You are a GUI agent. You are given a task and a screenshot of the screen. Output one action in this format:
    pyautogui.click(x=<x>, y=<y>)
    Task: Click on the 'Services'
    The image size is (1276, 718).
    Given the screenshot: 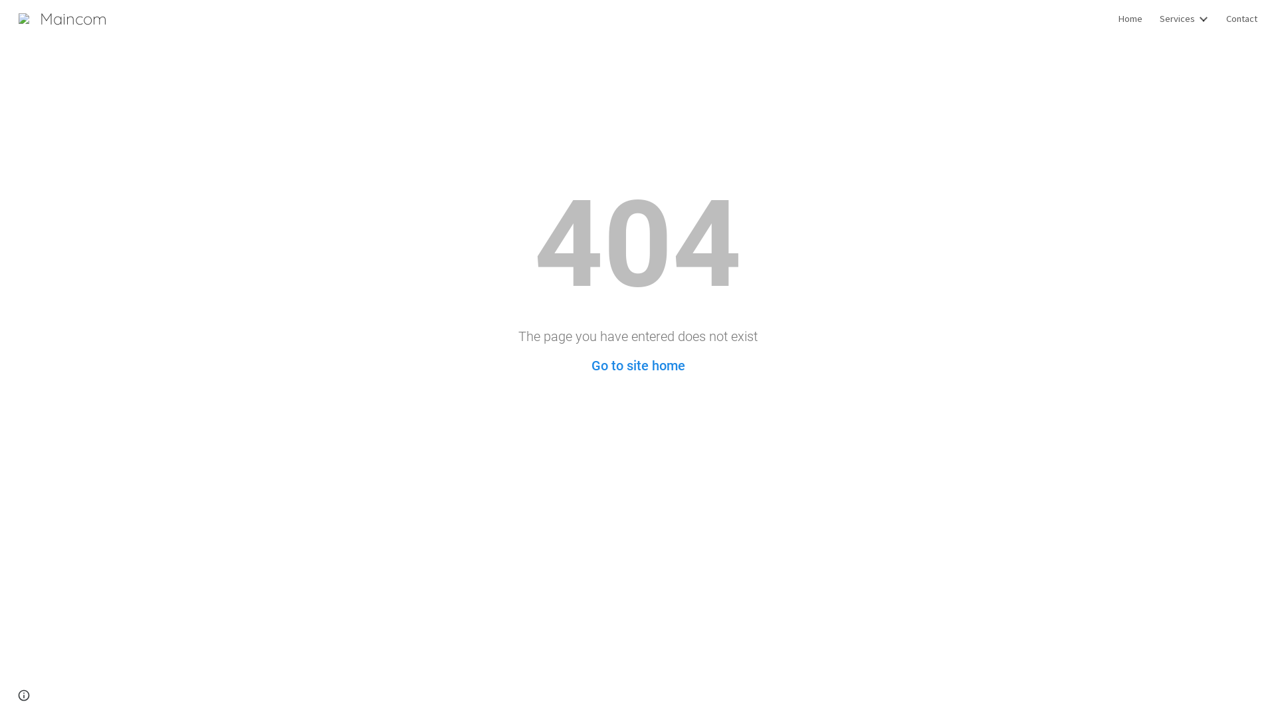 What is the action you would take?
    pyautogui.click(x=1177, y=18)
    